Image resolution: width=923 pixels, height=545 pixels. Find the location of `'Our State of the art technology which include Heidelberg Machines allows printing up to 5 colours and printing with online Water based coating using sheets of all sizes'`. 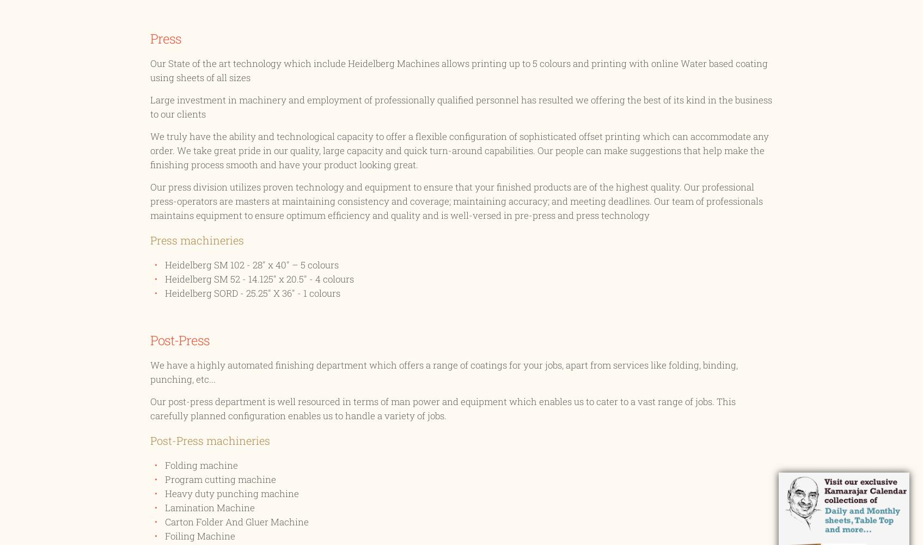

'Our State of the art technology which include Heidelberg Machines allows printing up to 5 colours and printing with online Water based coating using sheets of all sizes' is located at coordinates (149, 70).